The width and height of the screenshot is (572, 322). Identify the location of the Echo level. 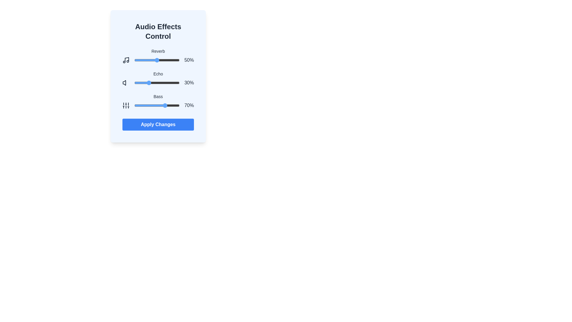
(154, 83).